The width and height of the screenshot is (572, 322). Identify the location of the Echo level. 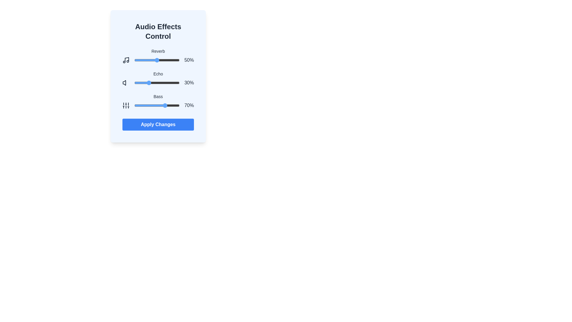
(154, 83).